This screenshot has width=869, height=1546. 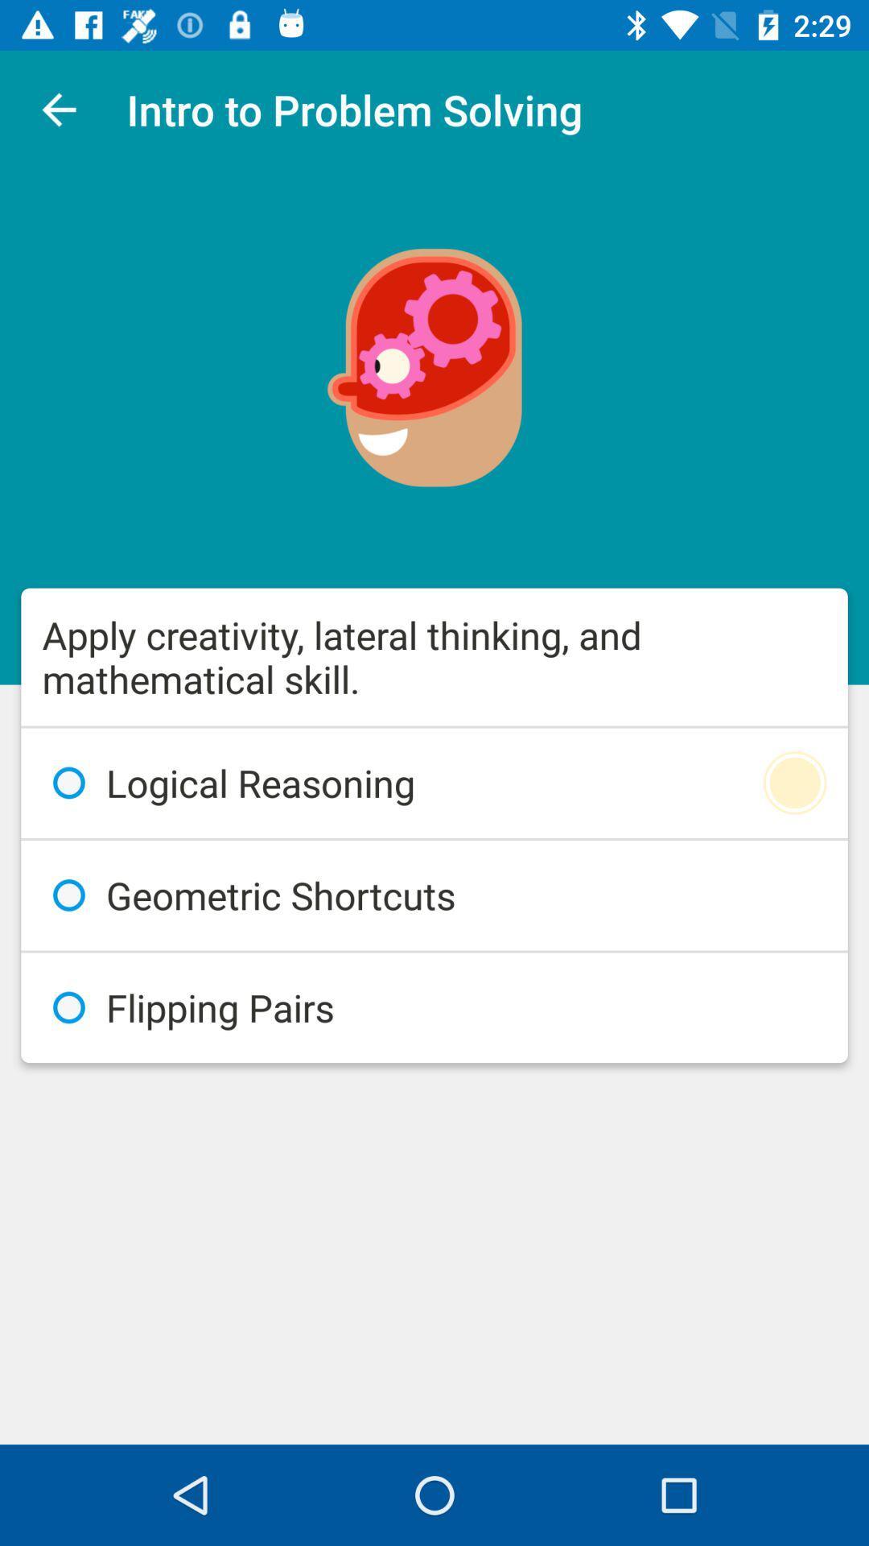 I want to click on flipping pairs item, so click(x=434, y=1007).